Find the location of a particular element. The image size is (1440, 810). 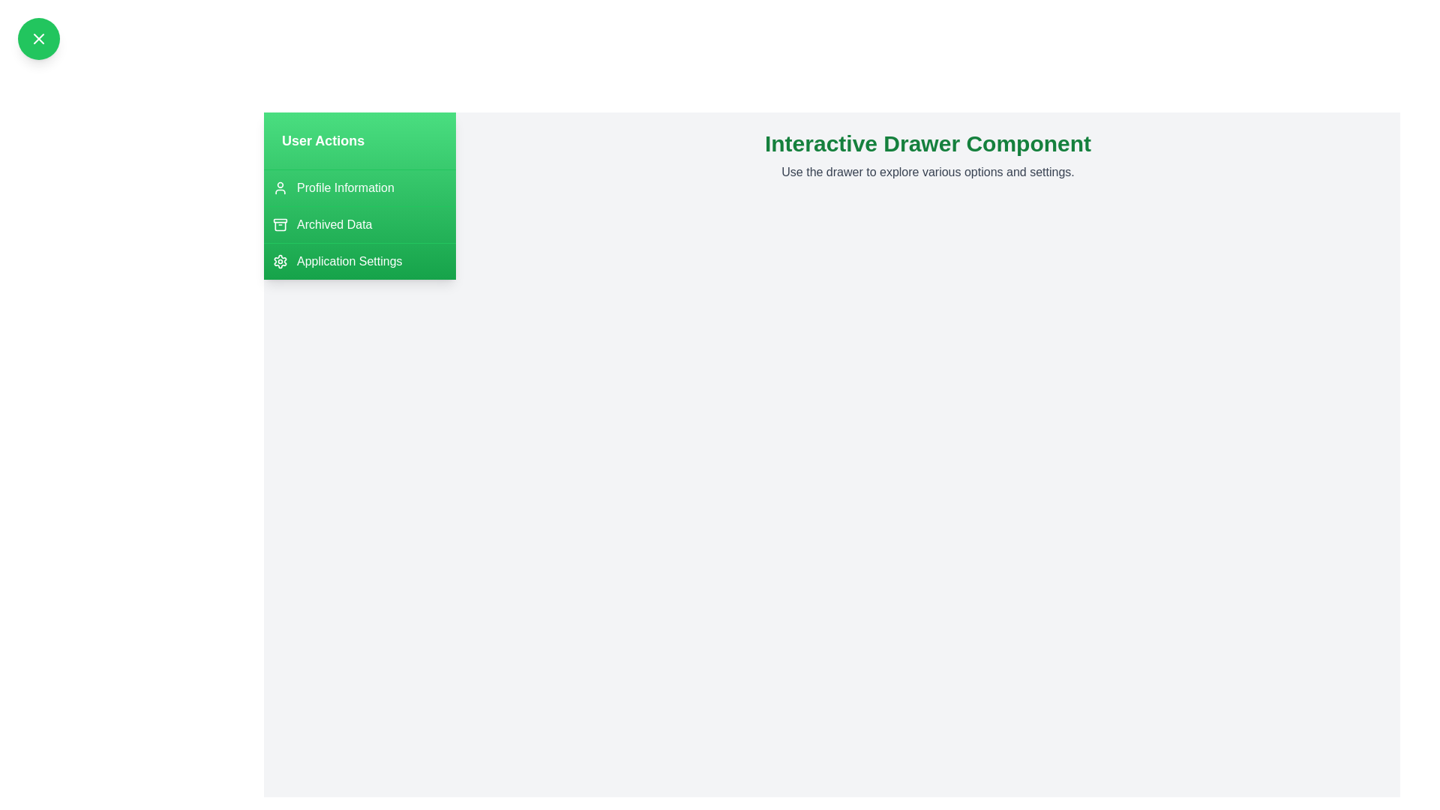

the 'Archived Data' menu item in the drawer is located at coordinates (360, 224).